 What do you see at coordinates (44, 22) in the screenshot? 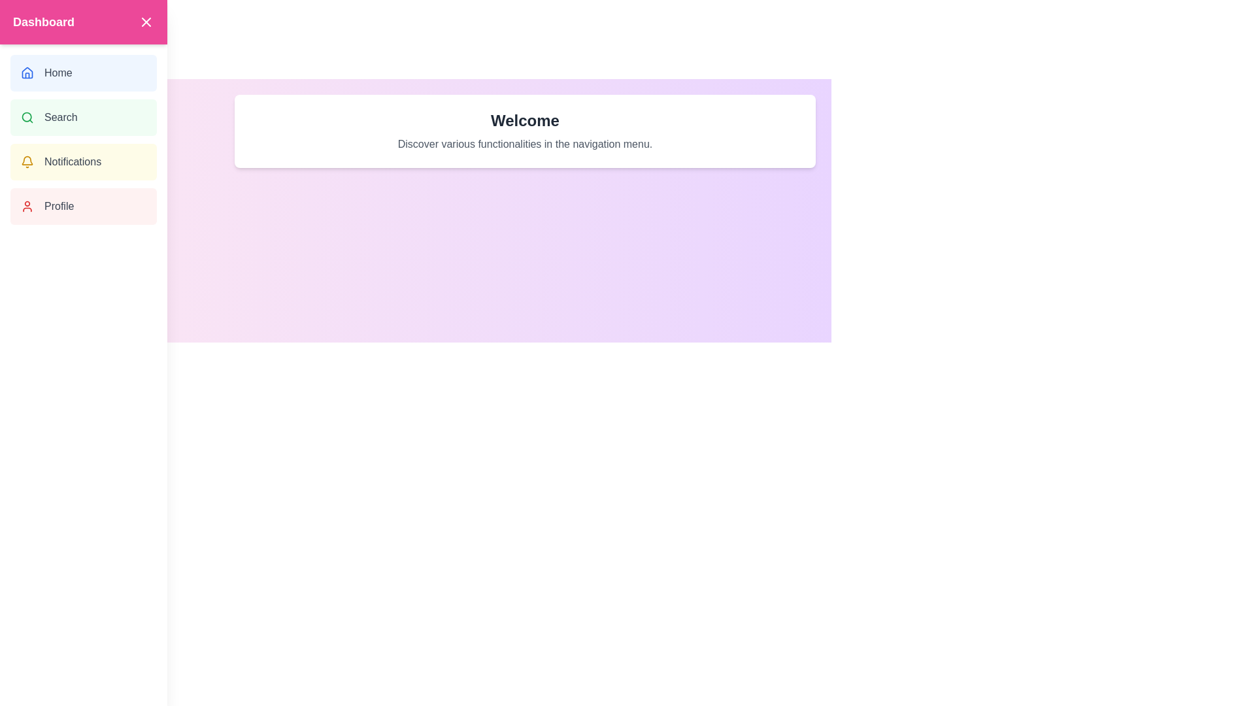
I see `text label displaying 'Dashboard' which is styled in bold and located on a pink background bar at the top of the sidebar interface` at bounding box center [44, 22].